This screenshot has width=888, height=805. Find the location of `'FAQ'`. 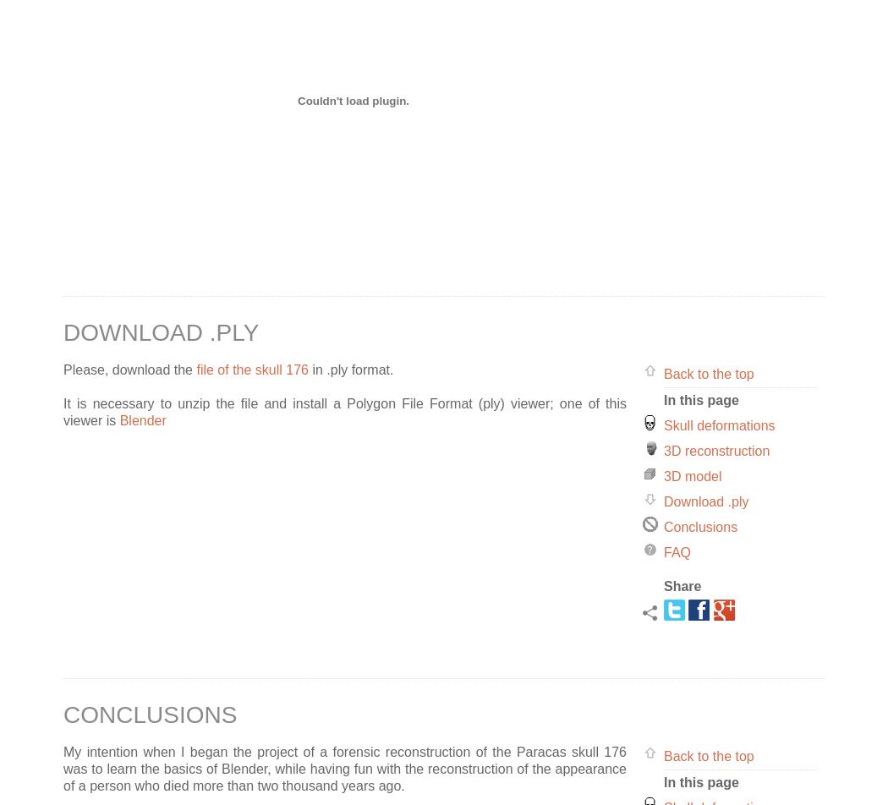

'FAQ' is located at coordinates (663, 551).